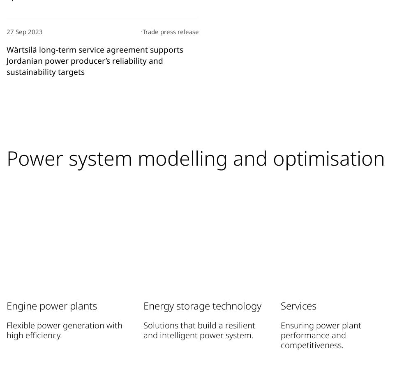 The image size is (411, 388). What do you see at coordinates (298, 305) in the screenshot?
I see `'Services'` at bounding box center [298, 305].